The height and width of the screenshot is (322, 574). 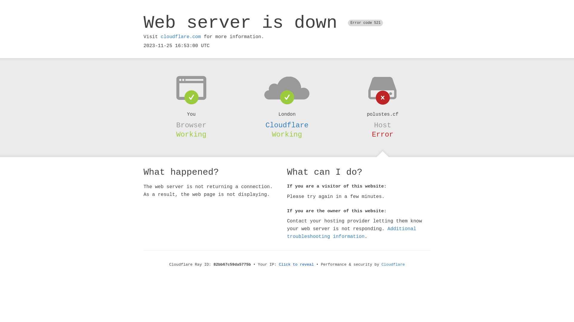 What do you see at coordinates (180, 37) in the screenshot?
I see `'cloudflare.com'` at bounding box center [180, 37].